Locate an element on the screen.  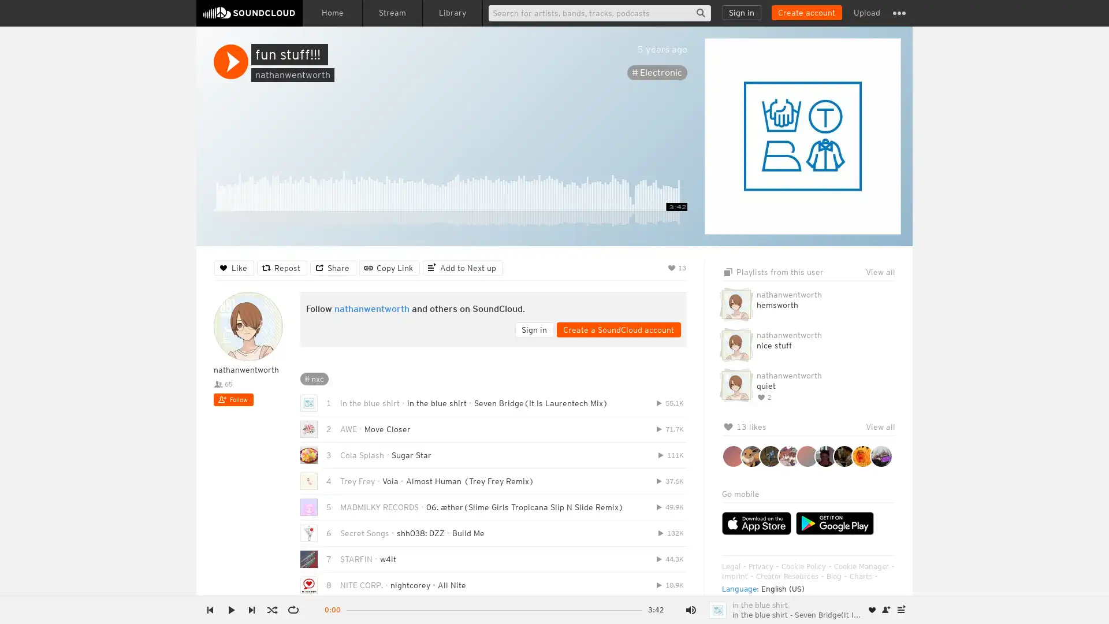
Sign in is located at coordinates (742, 13).